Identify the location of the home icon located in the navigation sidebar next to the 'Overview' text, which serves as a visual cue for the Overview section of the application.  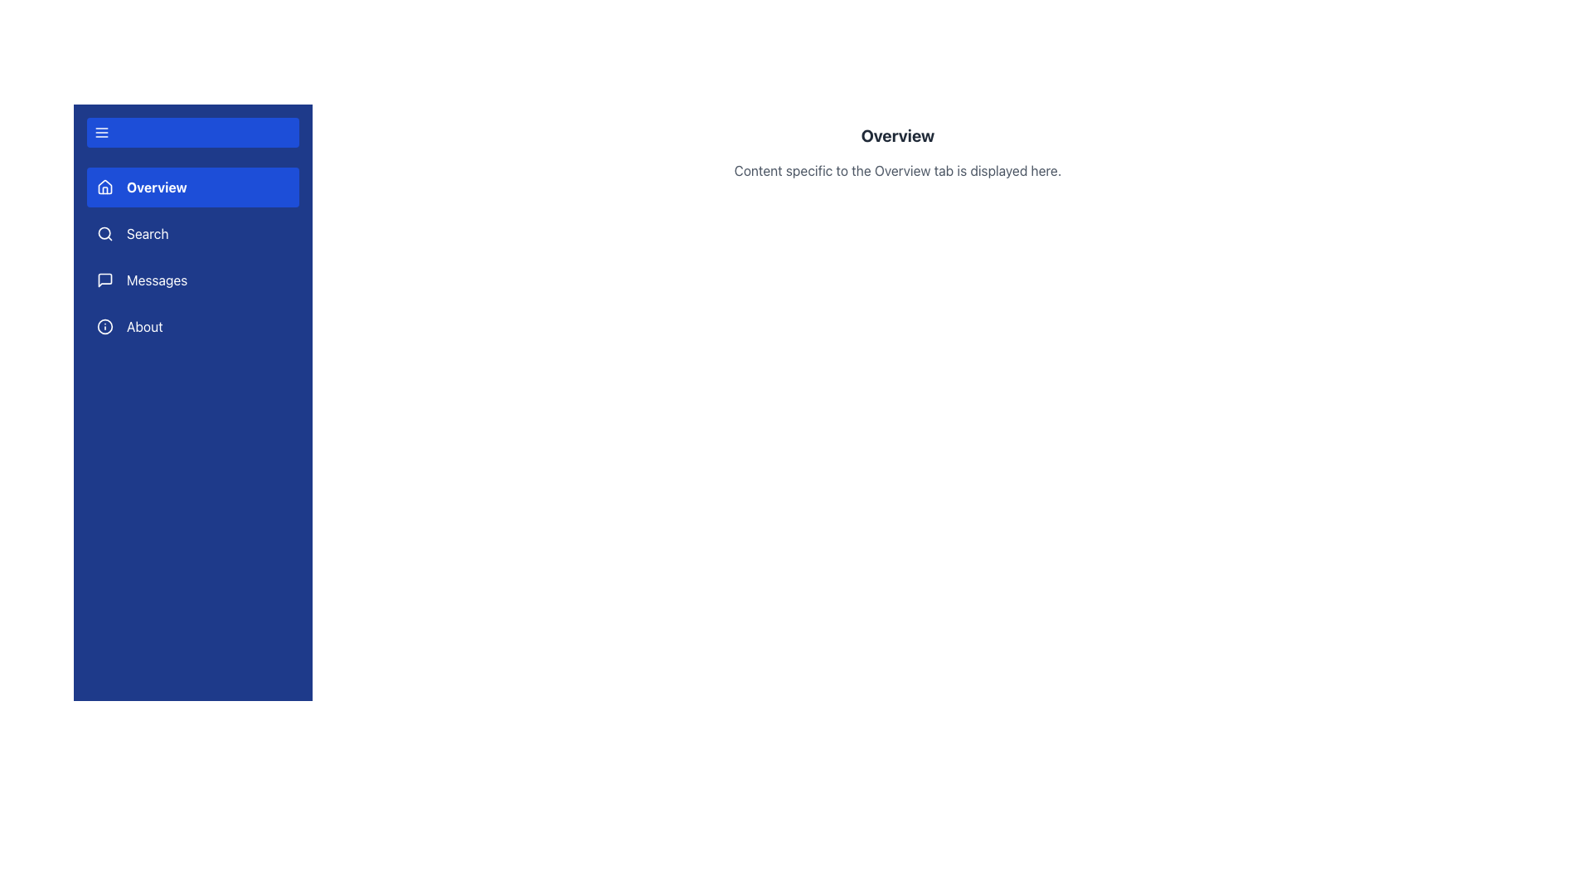
(104, 186).